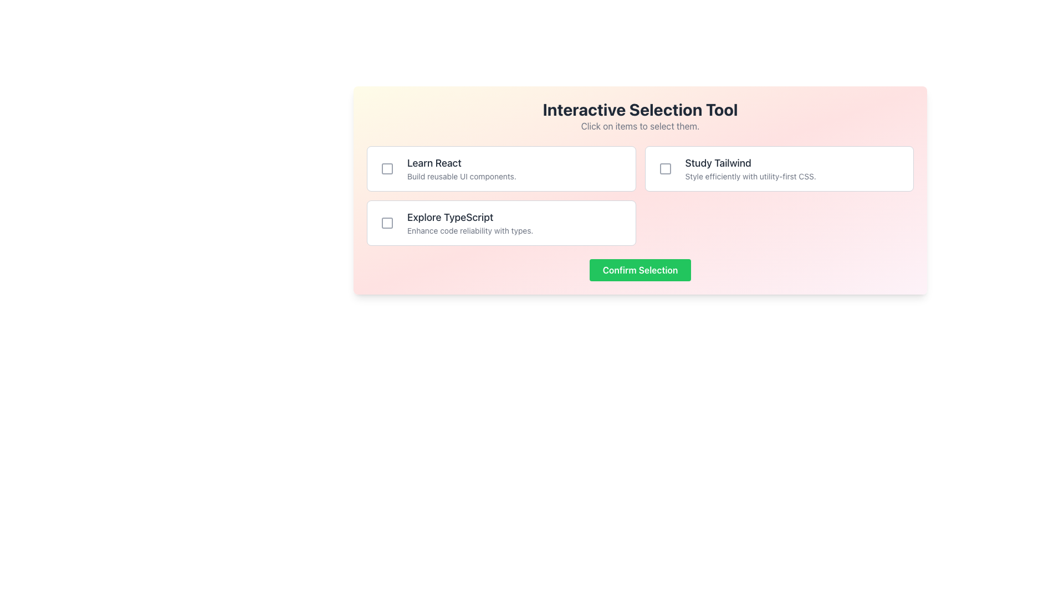  Describe the element at coordinates (470, 230) in the screenshot. I see `text label that provides a brief description or tagline under the heading 'Explore TypeScript', located in the second item of the left column` at that location.